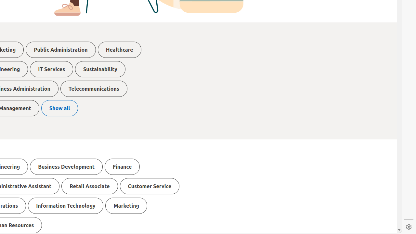 The image size is (416, 234). Describe the element at coordinates (122, 166) in the screenshot. I see `'Finance'` at that location.